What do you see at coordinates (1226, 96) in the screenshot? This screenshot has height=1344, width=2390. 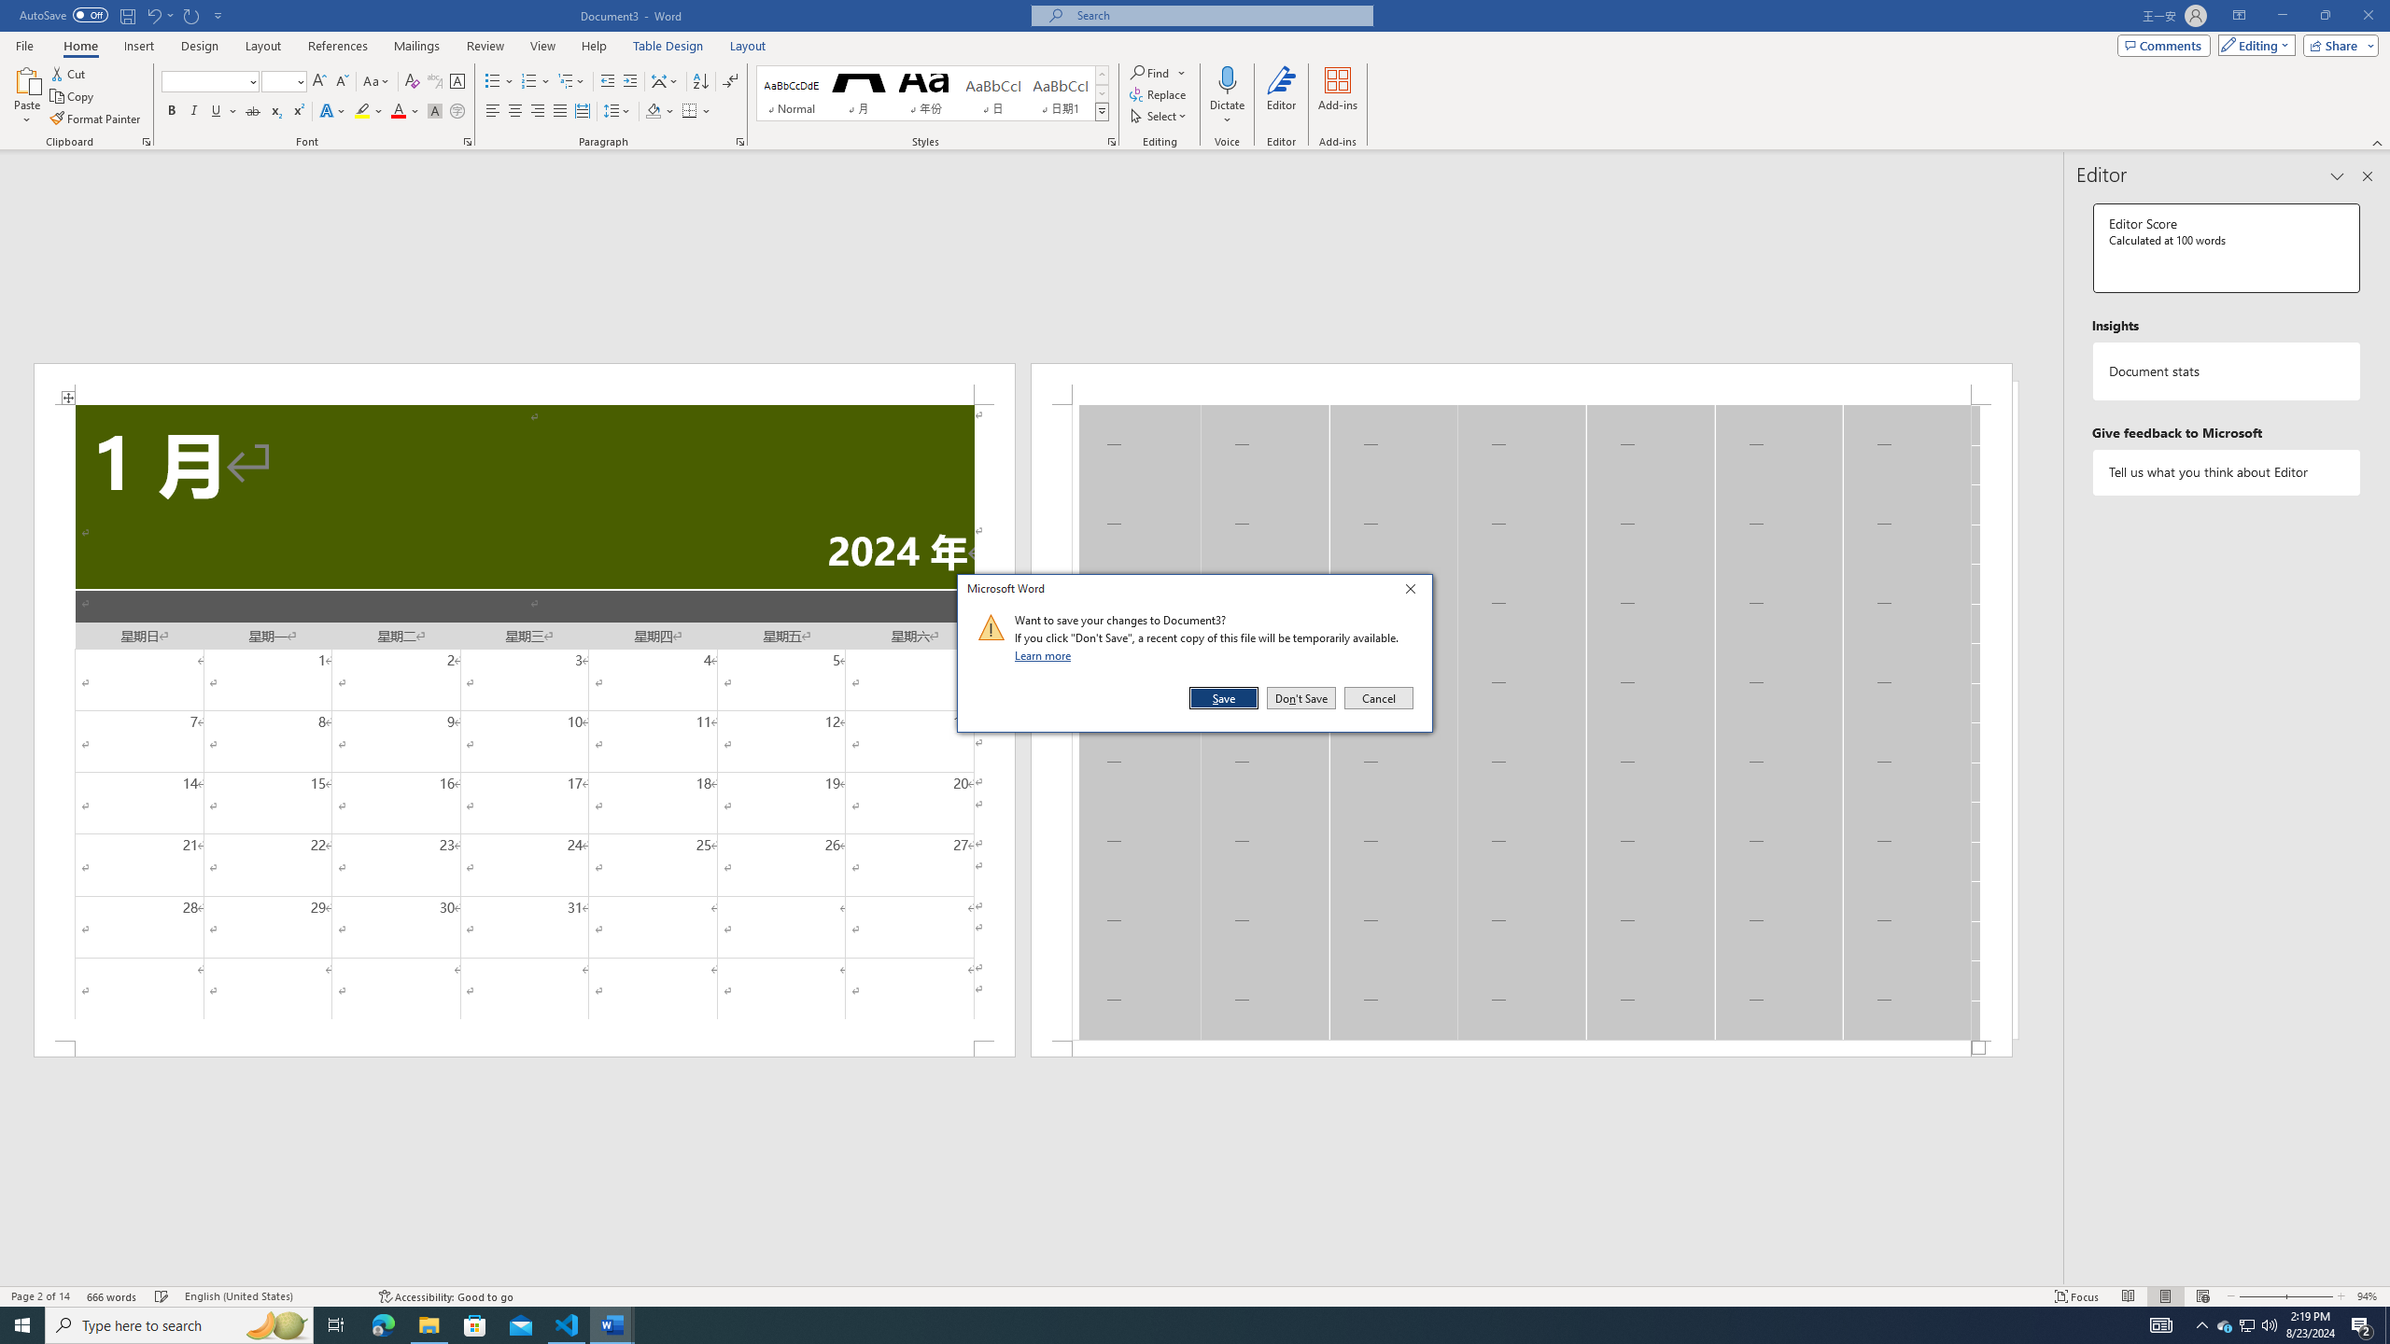 I see `'Dictate'` at bounding box center [1226, 96].